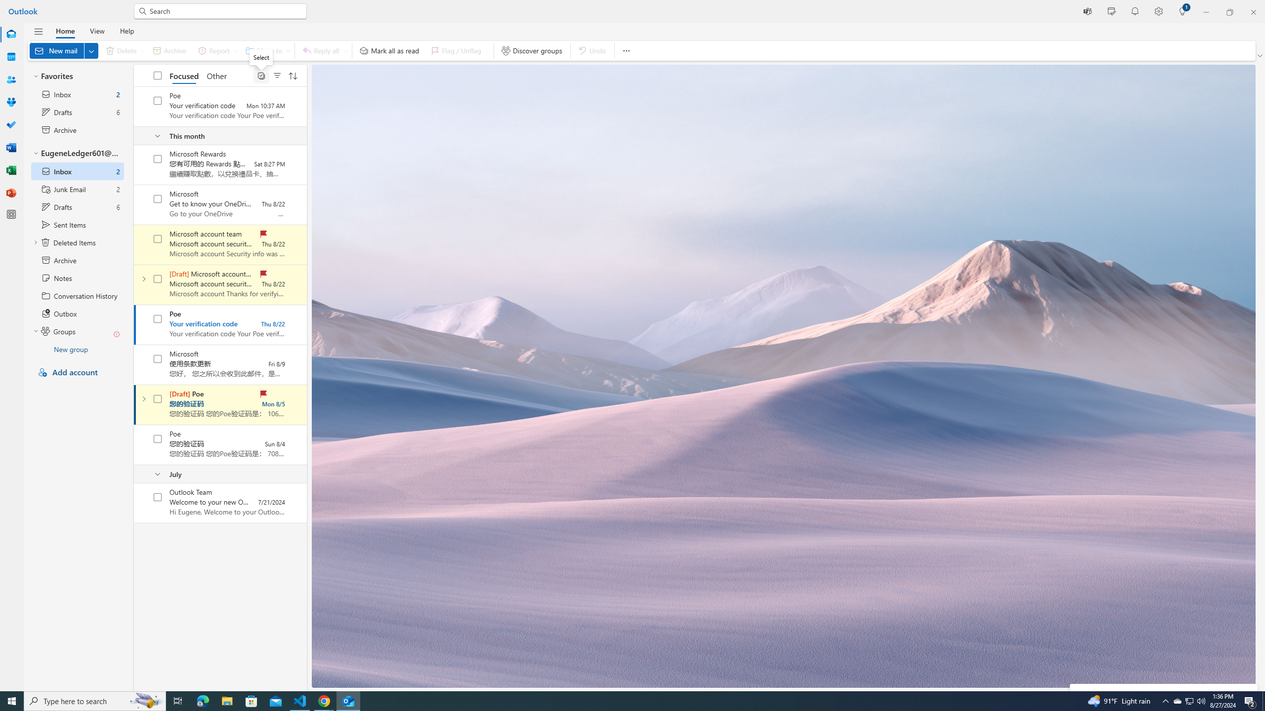 This screenshot has height=711, width=1265. Describe the element at coordinates (1261, 55) in the screenshot. I see `'Ribbon display options'` at that location.